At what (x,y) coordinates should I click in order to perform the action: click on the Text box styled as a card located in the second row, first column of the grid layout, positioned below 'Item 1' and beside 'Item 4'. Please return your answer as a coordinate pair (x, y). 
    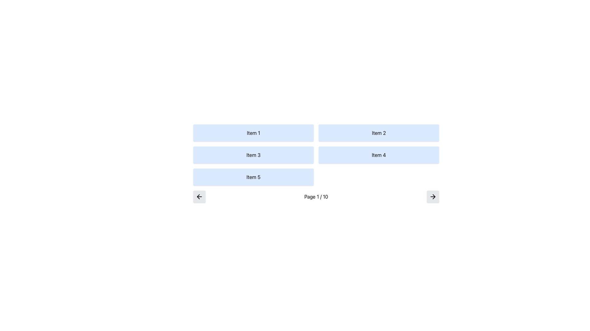
    Looking at the image, I should click on (254, 154).